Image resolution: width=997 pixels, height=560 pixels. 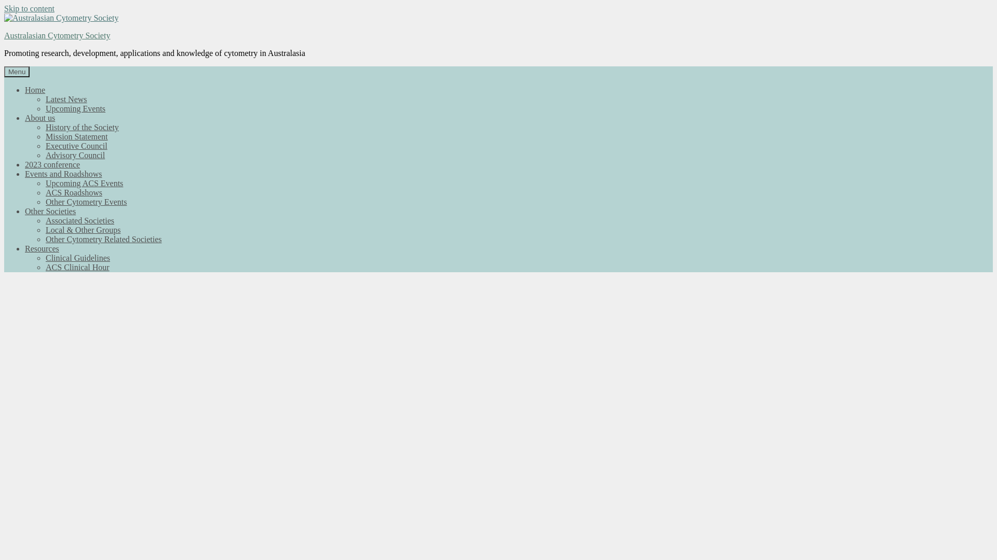 I want to click on 'Other Cytometry Related Societies', so click(x=104, y=239).